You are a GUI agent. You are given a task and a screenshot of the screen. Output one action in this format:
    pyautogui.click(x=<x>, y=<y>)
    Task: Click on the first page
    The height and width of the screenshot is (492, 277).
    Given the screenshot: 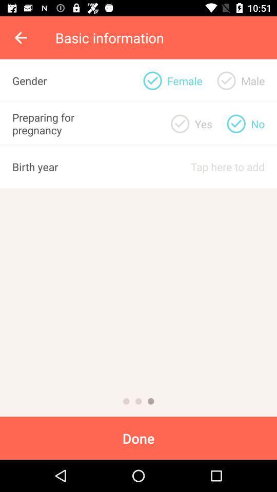 What is the action you would take?
    pyautogui.click(x=126, y=401)
    